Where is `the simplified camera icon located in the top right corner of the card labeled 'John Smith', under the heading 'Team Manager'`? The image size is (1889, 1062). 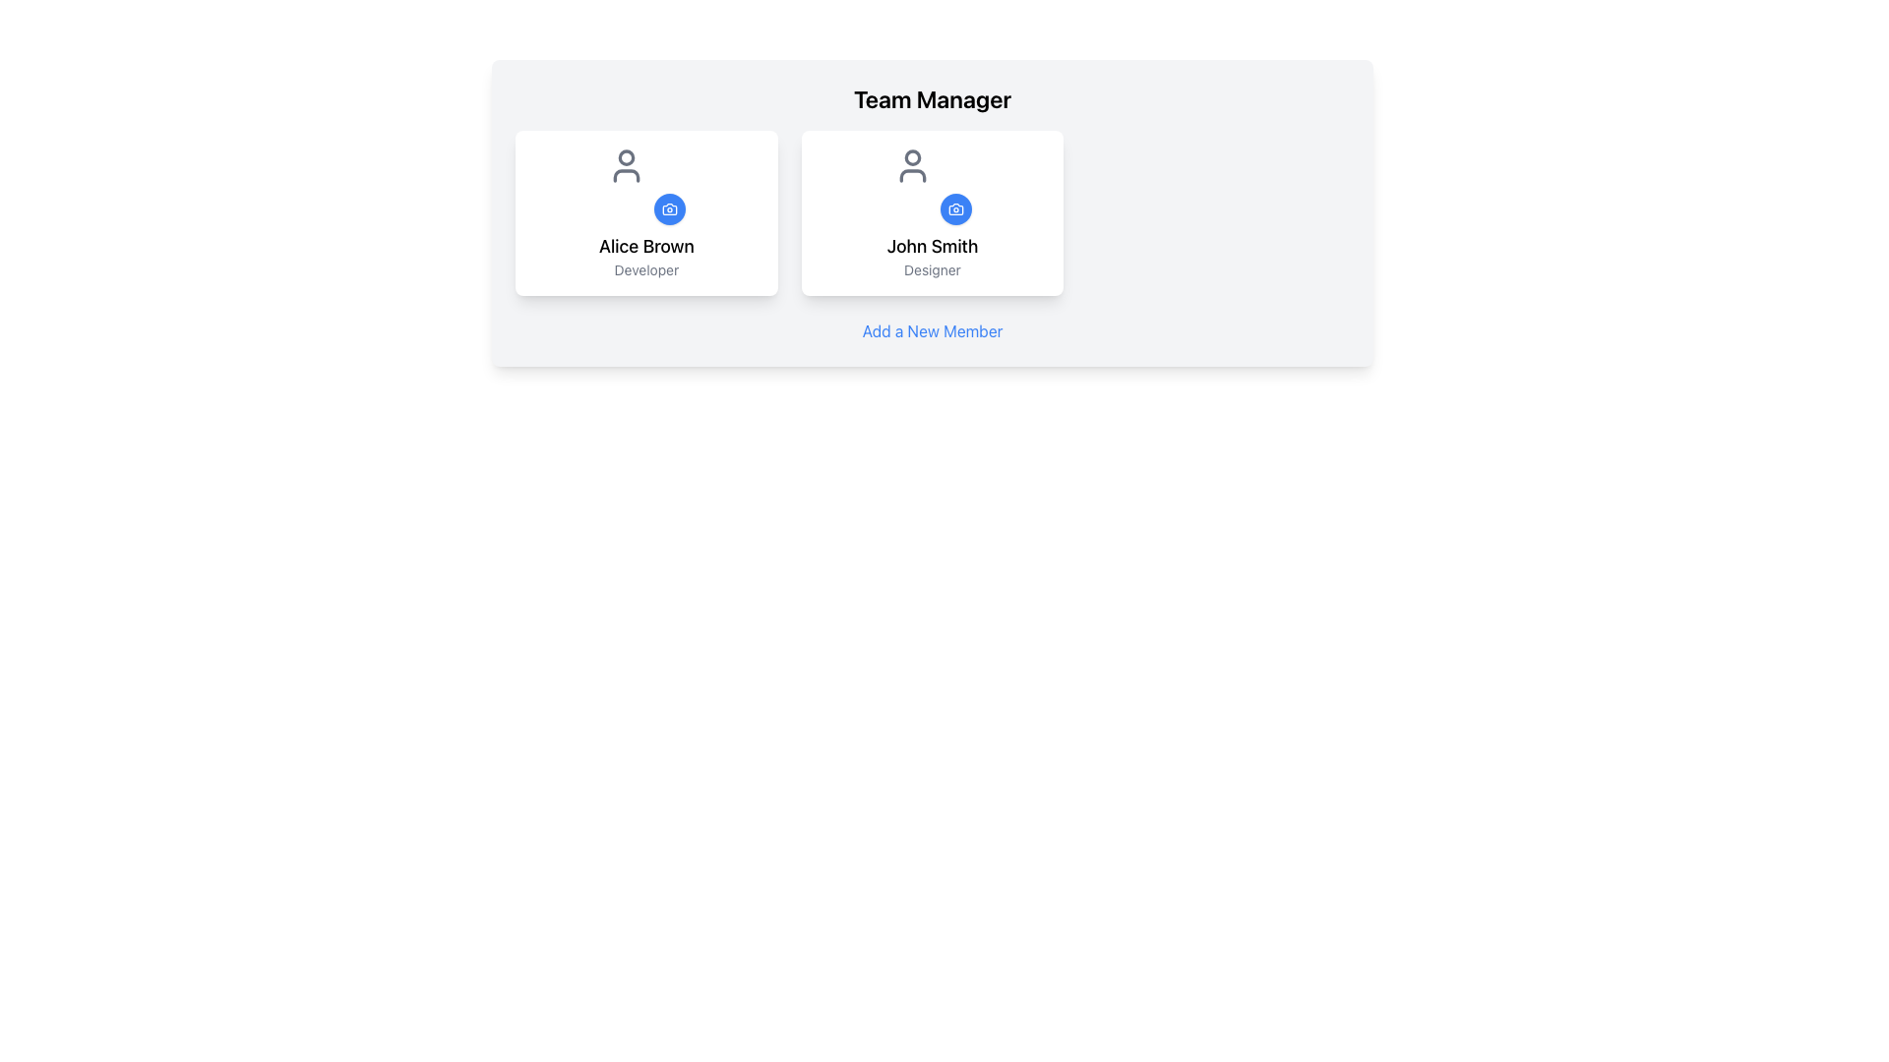
the simplified camera icon located in the top right corner of the card labeled 'John Smith', under the heading 'Team Manager' is located at coordinates (955, 208).